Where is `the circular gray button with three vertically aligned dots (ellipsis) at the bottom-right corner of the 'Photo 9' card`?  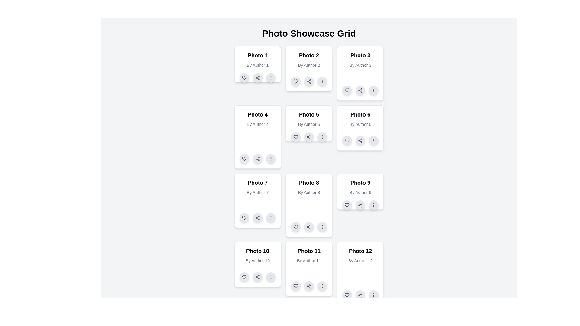 the circular gray button with three vertically aligned dots (ellipsis) at the bottom-right corner of the 'Photo 9' card is located at coordinates (373, 205).